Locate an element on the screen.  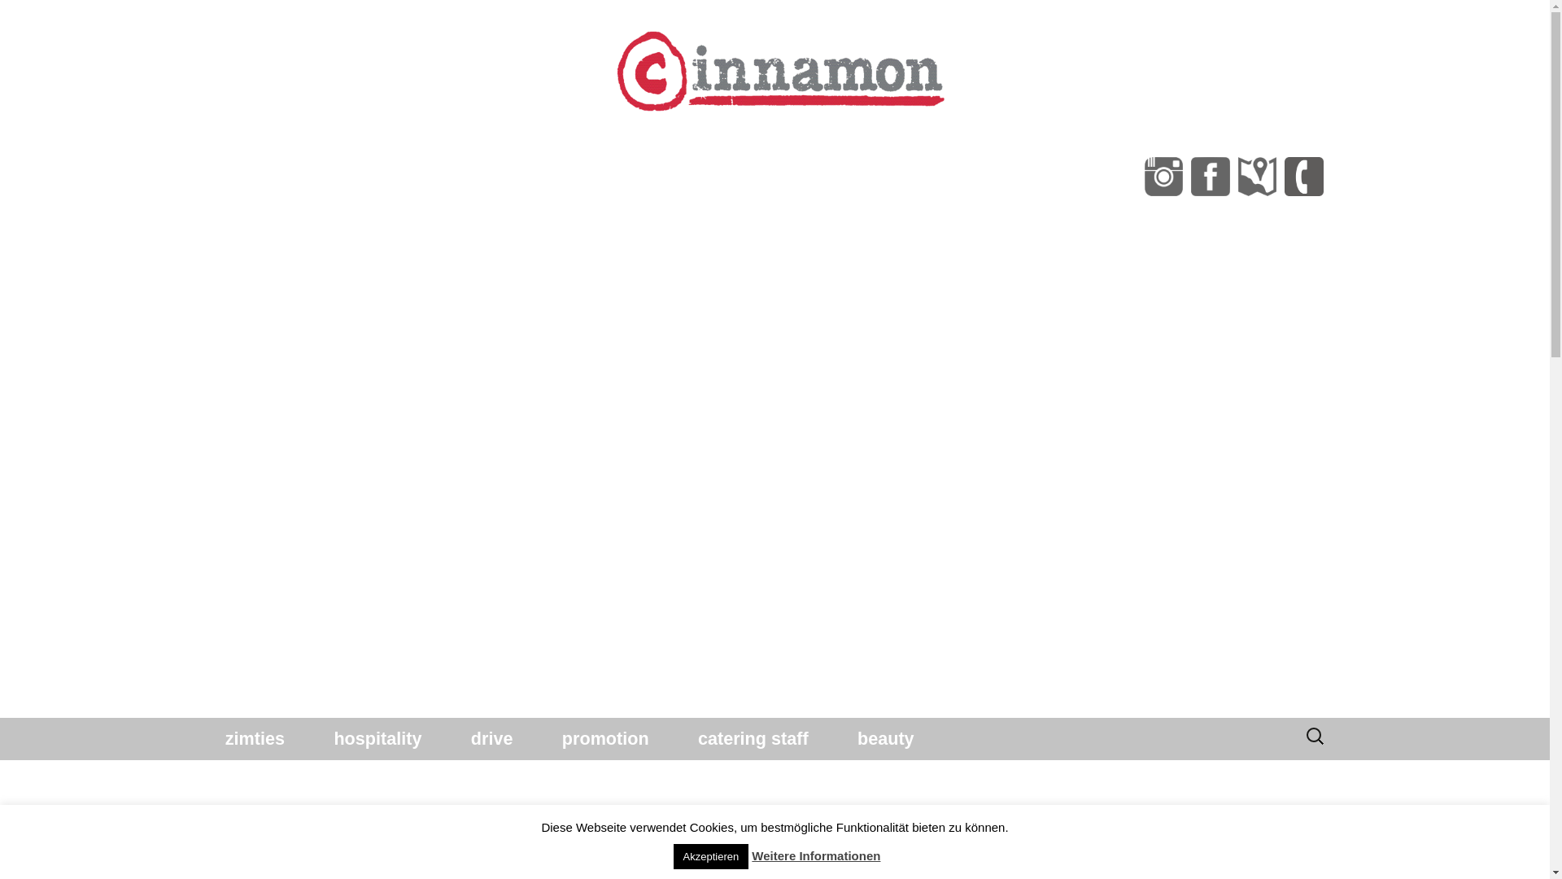
'drive' is located at coordinates (491, 738).